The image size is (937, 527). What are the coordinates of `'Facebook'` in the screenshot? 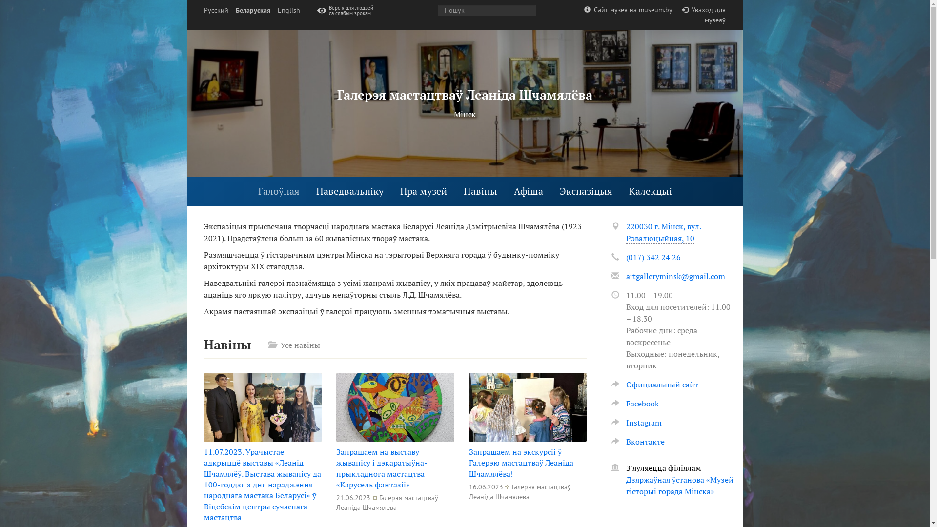 It's located at (634, 403).